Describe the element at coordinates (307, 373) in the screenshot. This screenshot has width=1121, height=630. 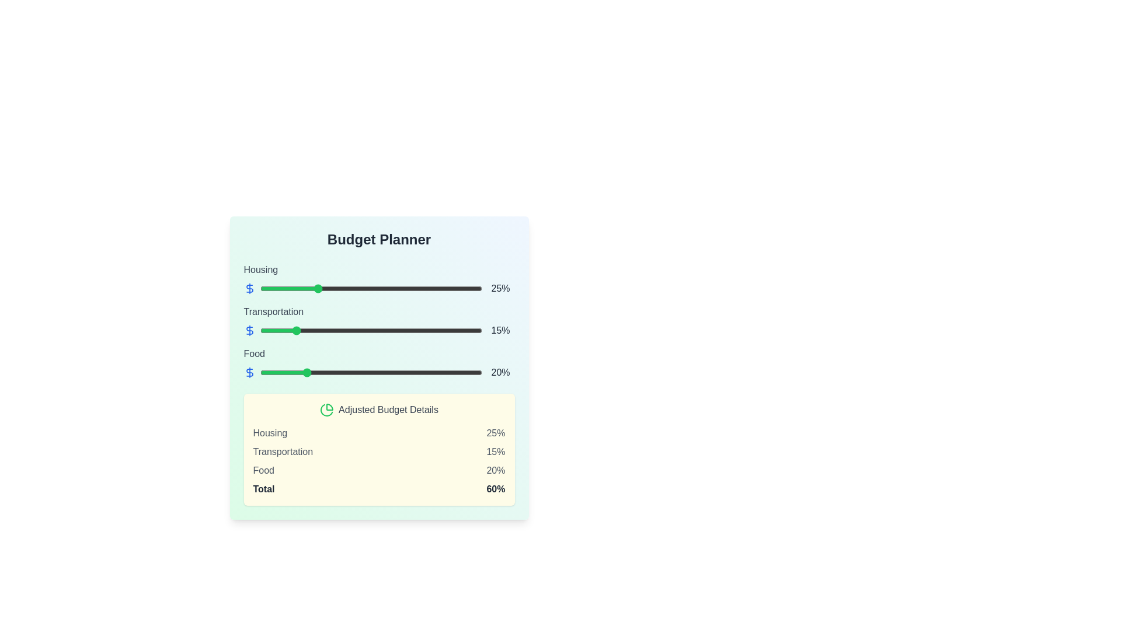
I see `the slider value` at that location.